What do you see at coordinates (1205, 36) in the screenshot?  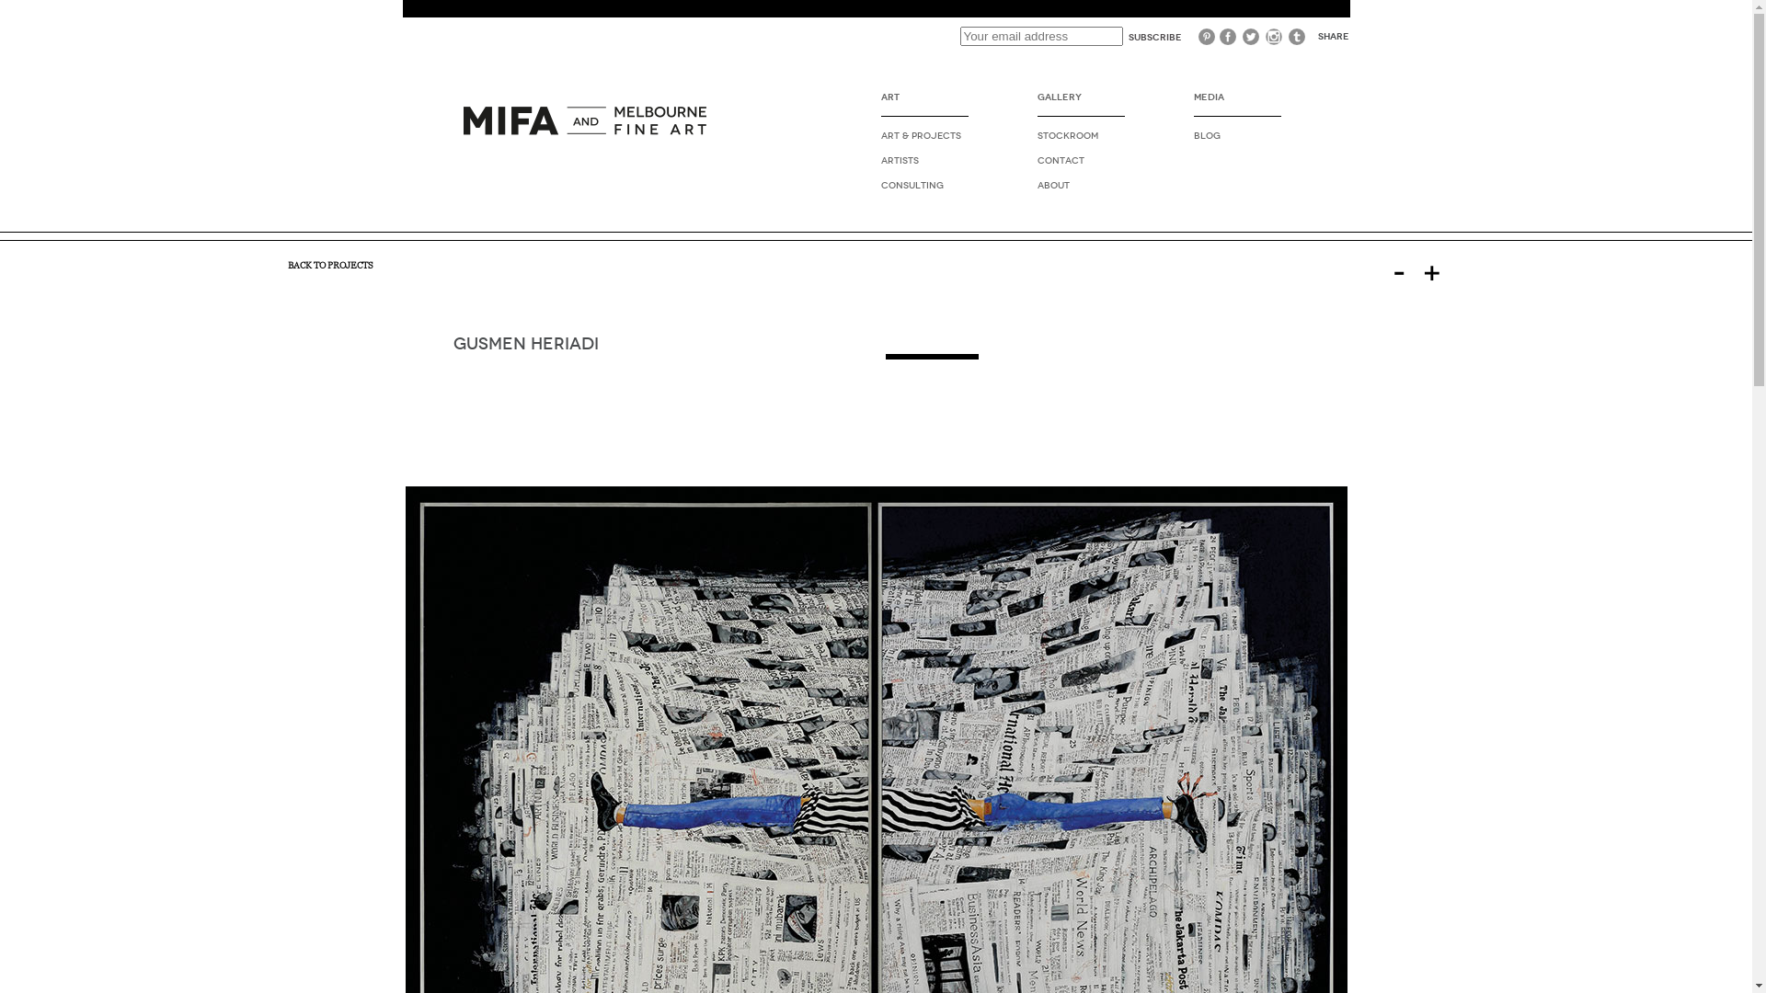 I see `'Pinterest'` at bounding box center [1205, 36].